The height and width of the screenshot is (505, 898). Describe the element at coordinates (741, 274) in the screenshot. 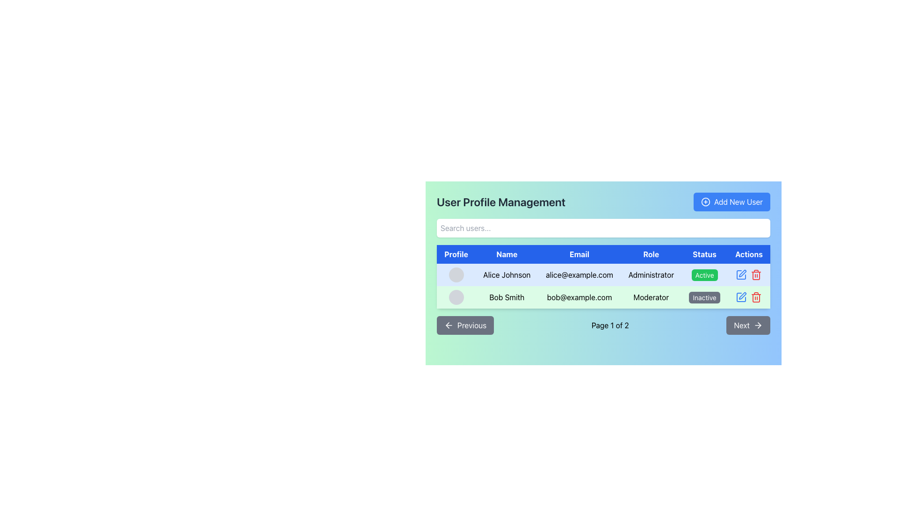

I see `the Edit button (icon-based) in the Actions column of the data table` at that location.